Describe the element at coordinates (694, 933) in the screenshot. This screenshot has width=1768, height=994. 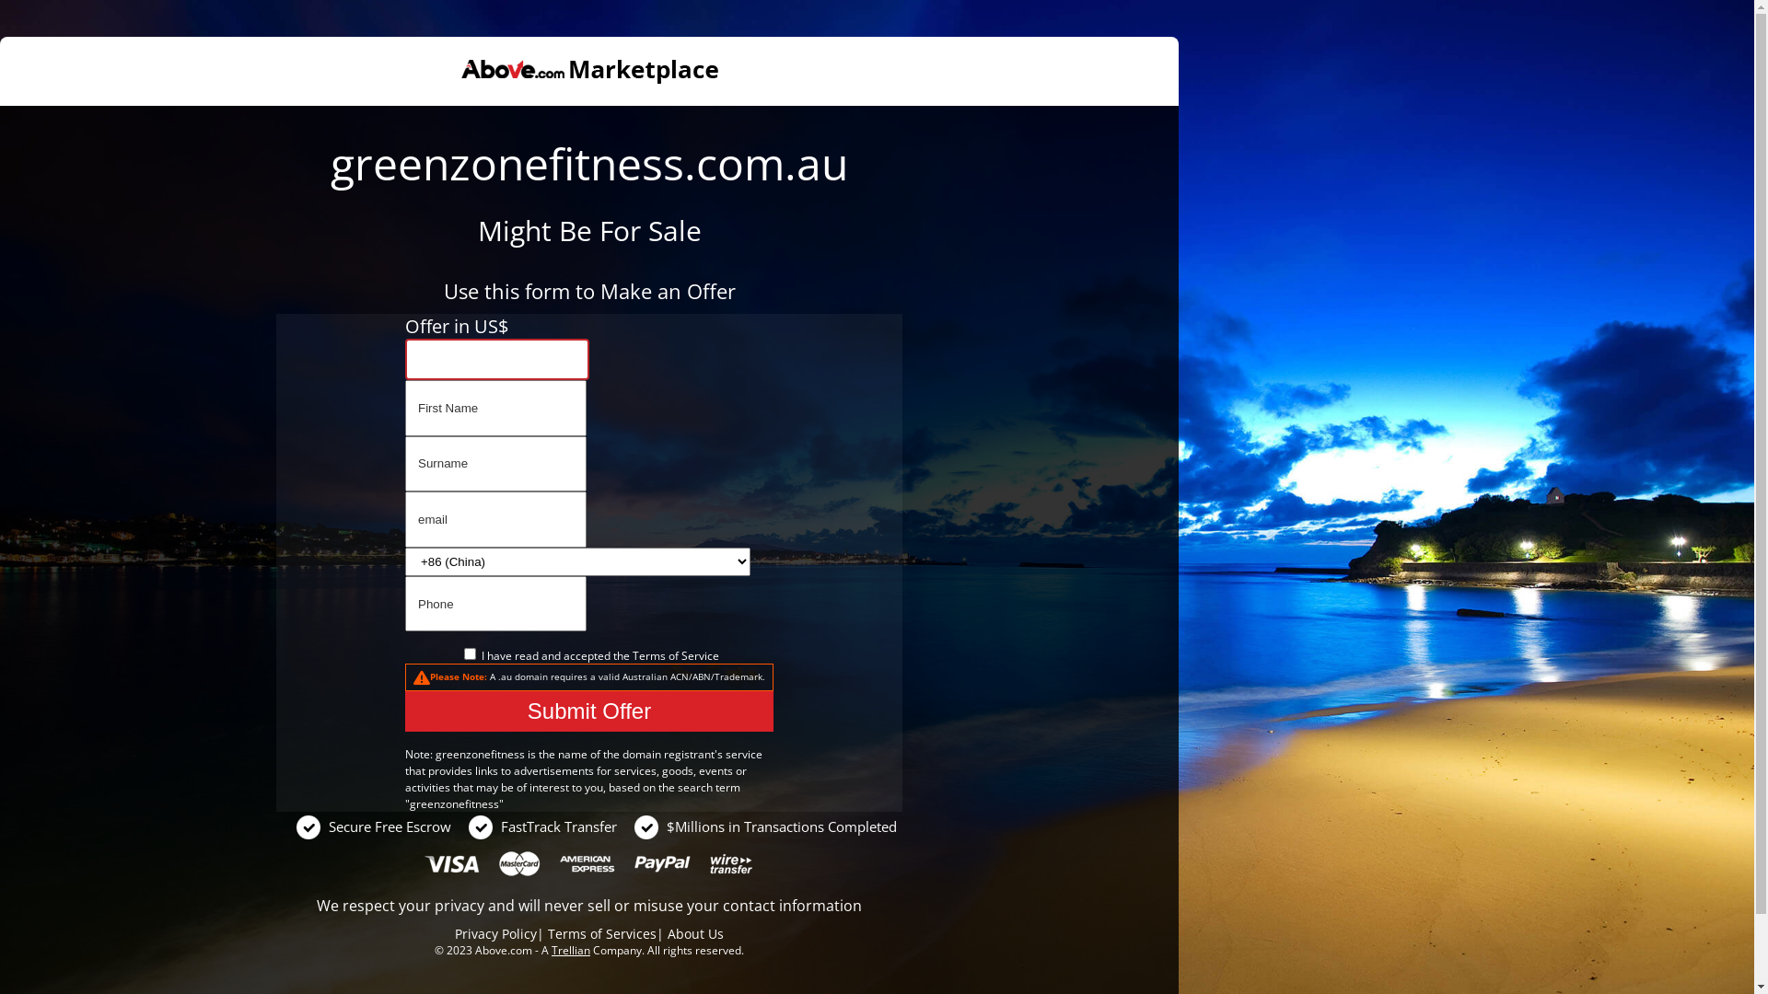
I see `'About Us'` at that location.